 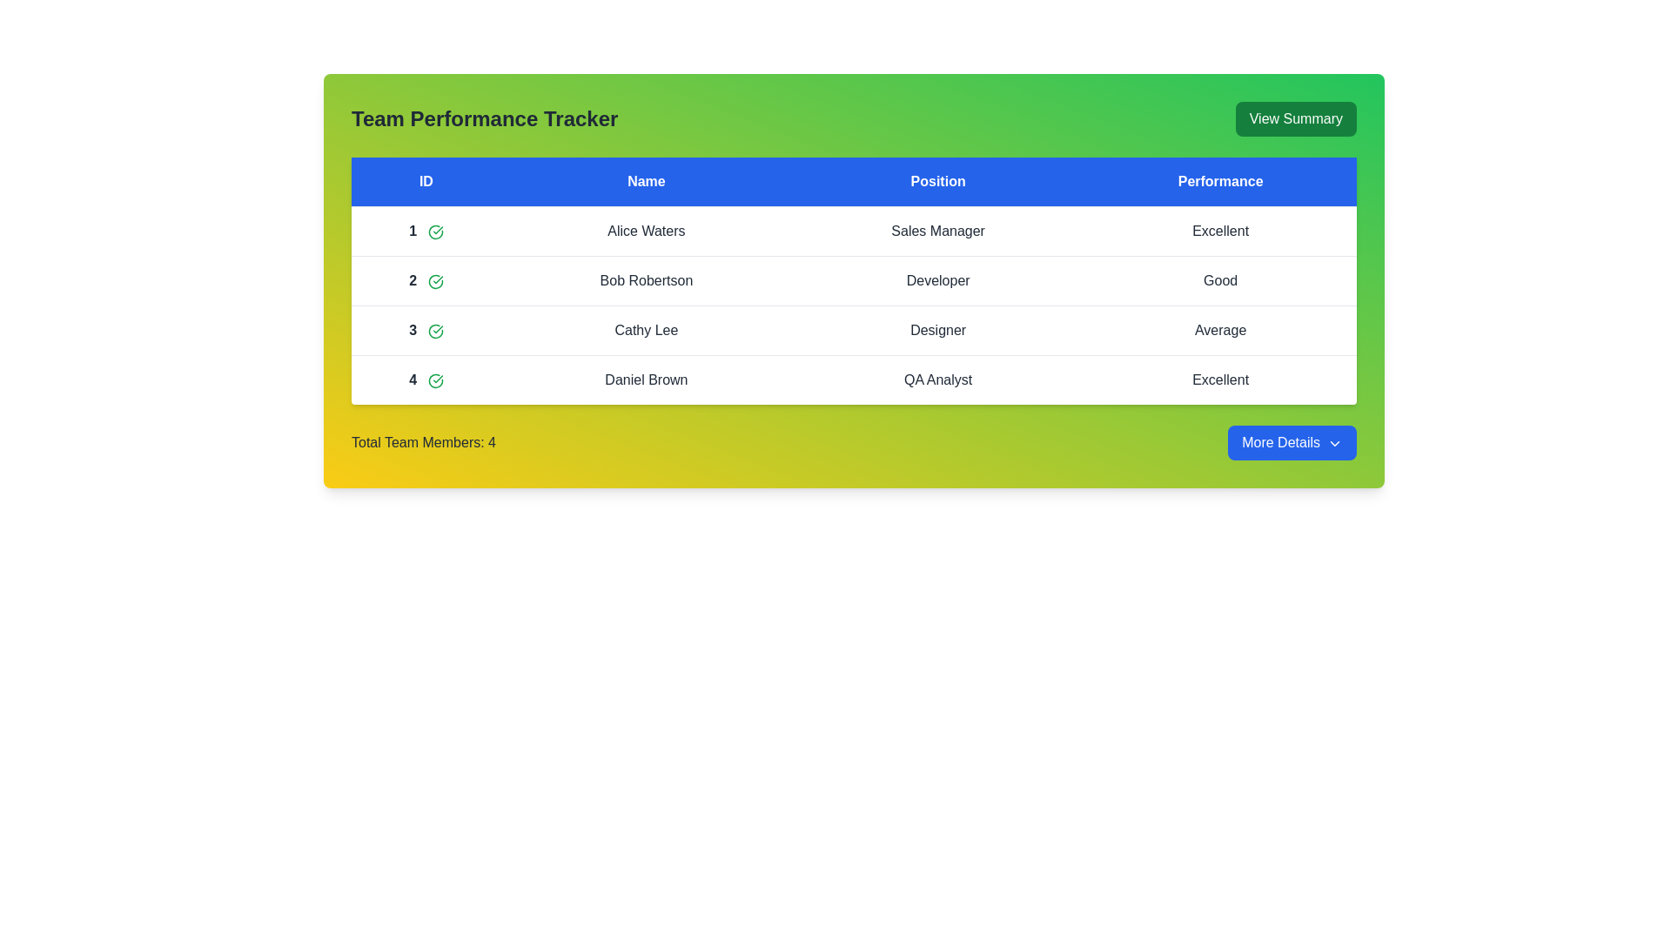 What do you see at coordinates (645, 280) in the screenshot?
I see `the row corresponding to employee Bob Robertson to inspect their details` at bounding box center [645, 280].